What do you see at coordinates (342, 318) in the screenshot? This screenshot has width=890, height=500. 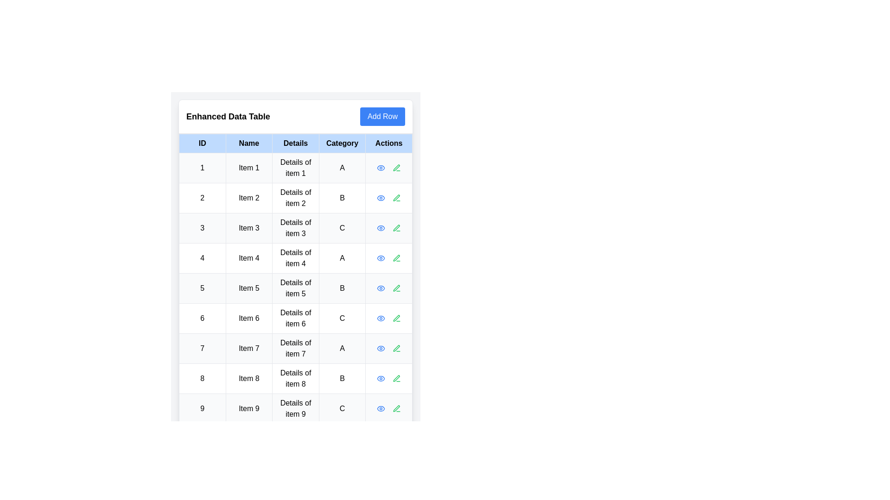 I see `the Table Cell displaying the category letter in the sixth row under the 'Category' column, which is the fourth cell from the left` at bounding box center [342, 318].